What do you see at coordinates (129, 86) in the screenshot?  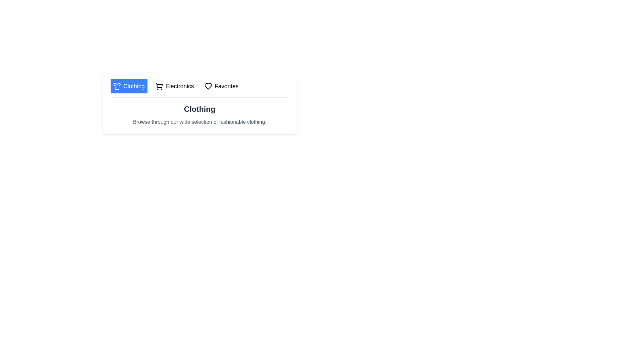 I see `the Clothing tab to switch to the corresponding category` at bounding box center [129, 86].